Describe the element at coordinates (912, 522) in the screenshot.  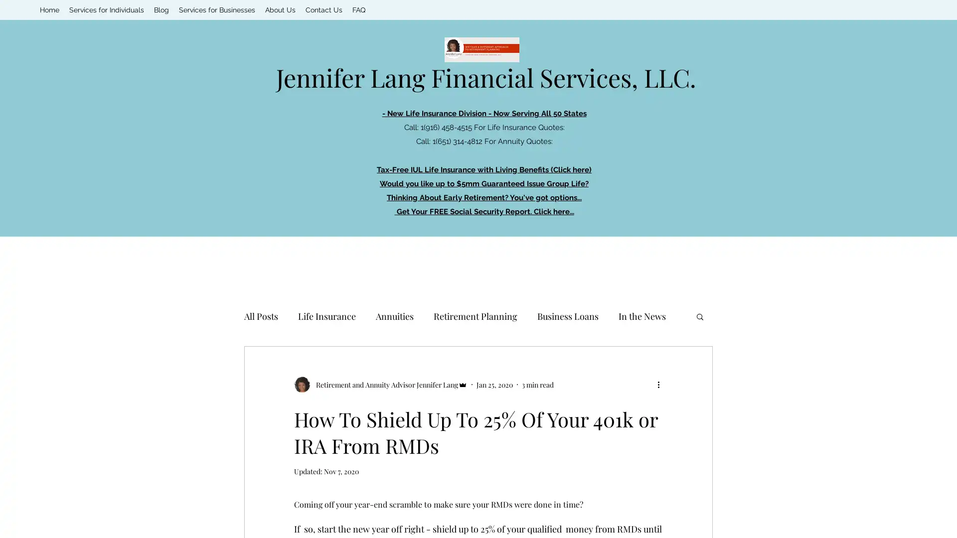
I see `Accept` at that location.